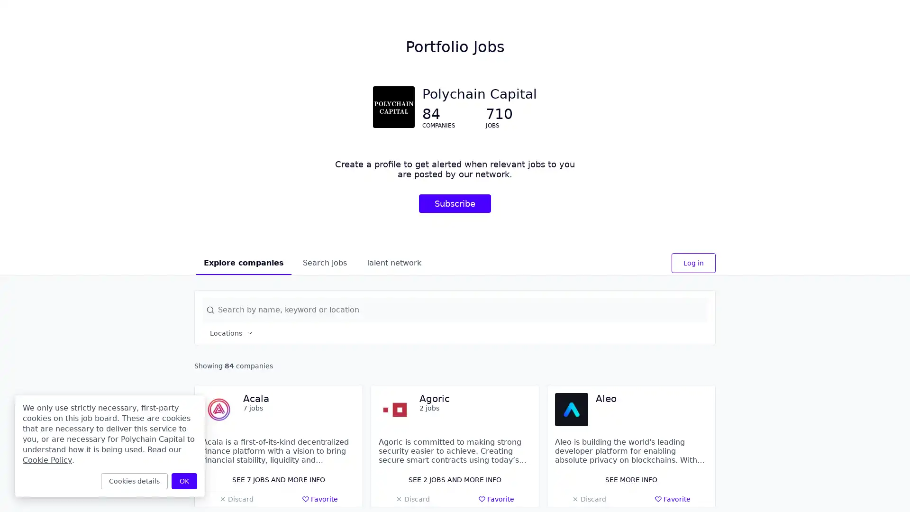  I want to click on Discard, so click(412, 499).